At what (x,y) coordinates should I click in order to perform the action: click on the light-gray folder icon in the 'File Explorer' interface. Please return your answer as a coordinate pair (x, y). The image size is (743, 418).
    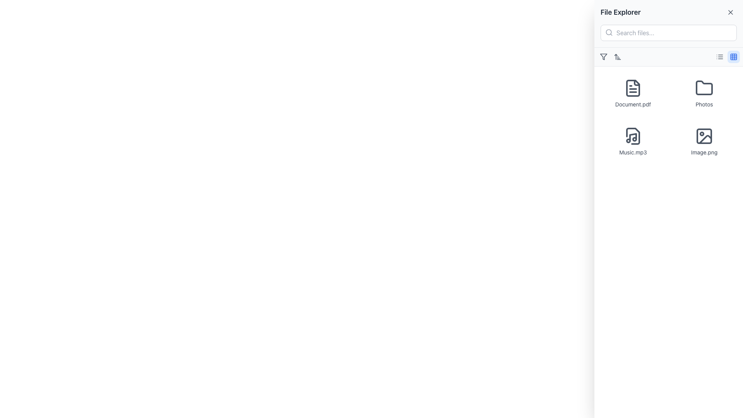
    Looking at the image, I should click on (704, 87).